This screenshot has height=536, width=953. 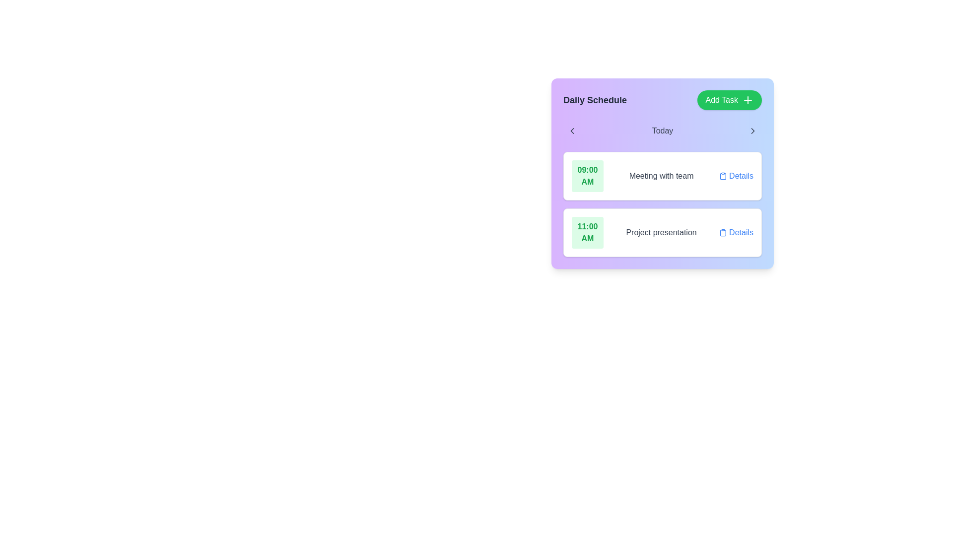 What do you see at coordinates (748, 100) in the screenshot?
I see `the icon located to the right of the 'Add Task' text within the green rounded button in the upper right corner of the 'Daily Schedule' panel` at bounding box center [748, 100].